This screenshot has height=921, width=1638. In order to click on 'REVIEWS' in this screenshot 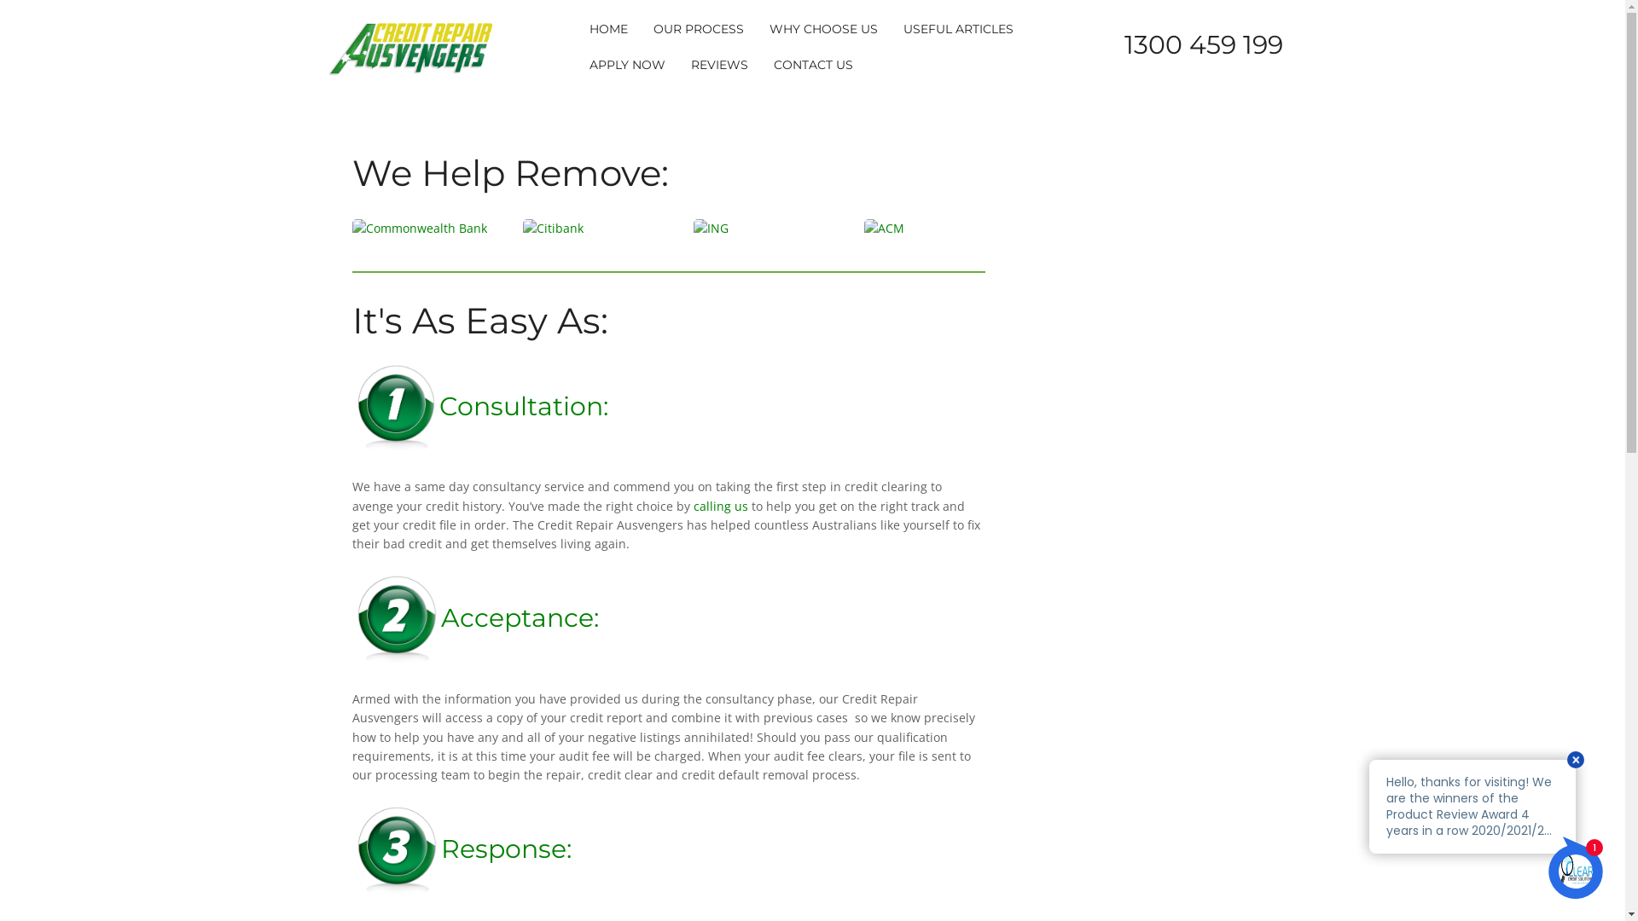, I will do `click(719, 64)`.